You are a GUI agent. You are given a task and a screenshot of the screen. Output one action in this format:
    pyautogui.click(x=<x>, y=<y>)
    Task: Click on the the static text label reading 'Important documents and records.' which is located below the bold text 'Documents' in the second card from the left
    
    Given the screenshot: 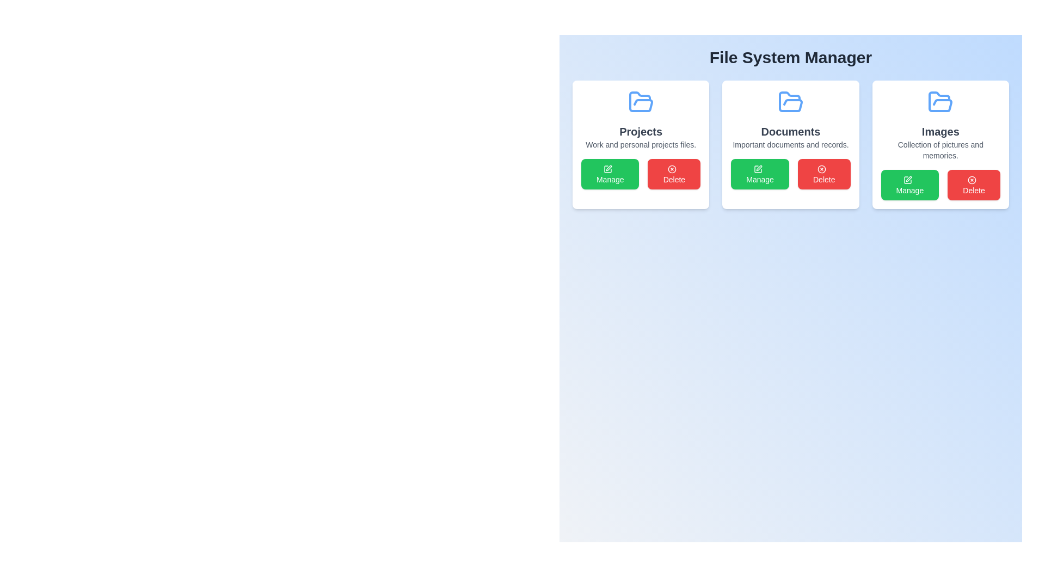 What is the action you would take?
    pyautogui.click(x=791, y=144)
    